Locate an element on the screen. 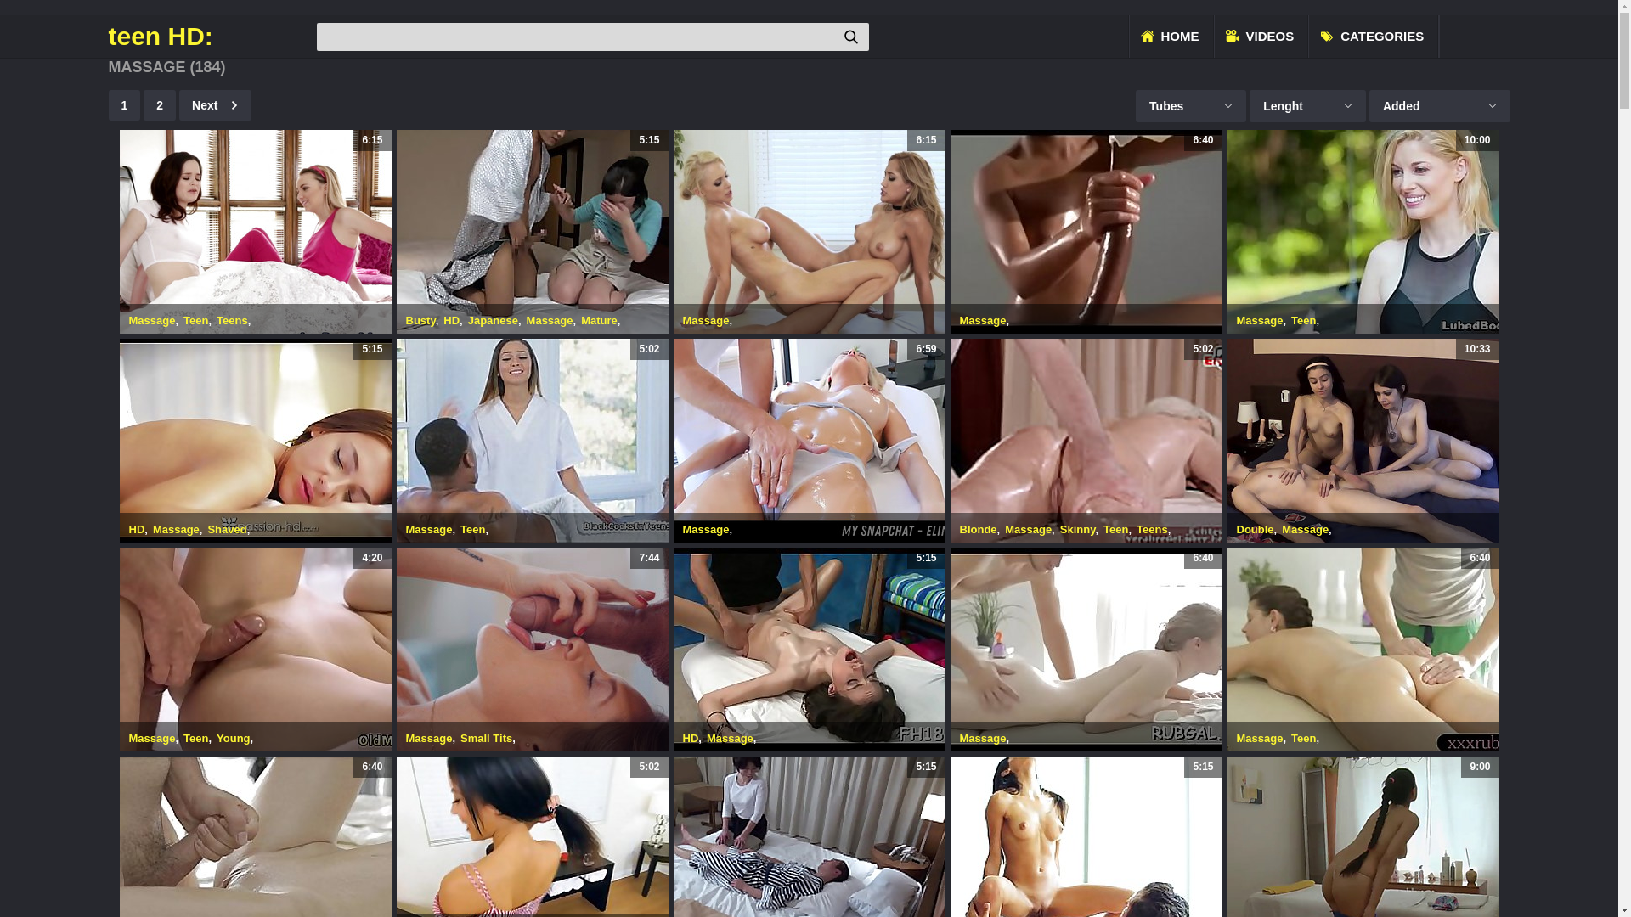  'Shaved' is located at coordinates (226, 528).